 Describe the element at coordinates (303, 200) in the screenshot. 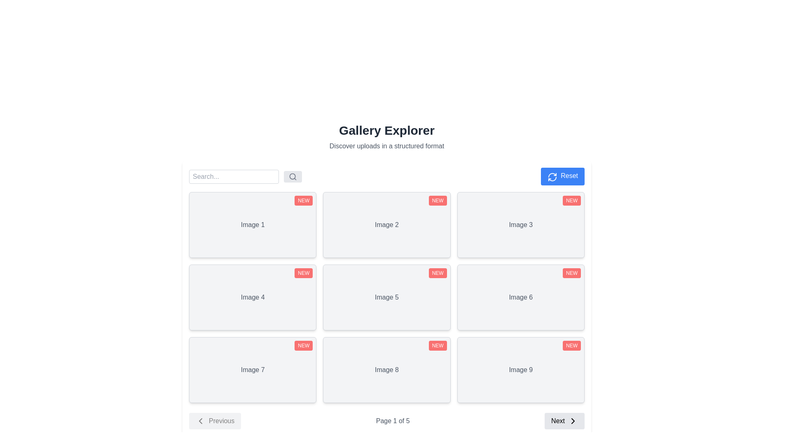

I see `the 'NEW' badge with a red background and white text located in the top-right corner of the 'Image 1' card` at that location.